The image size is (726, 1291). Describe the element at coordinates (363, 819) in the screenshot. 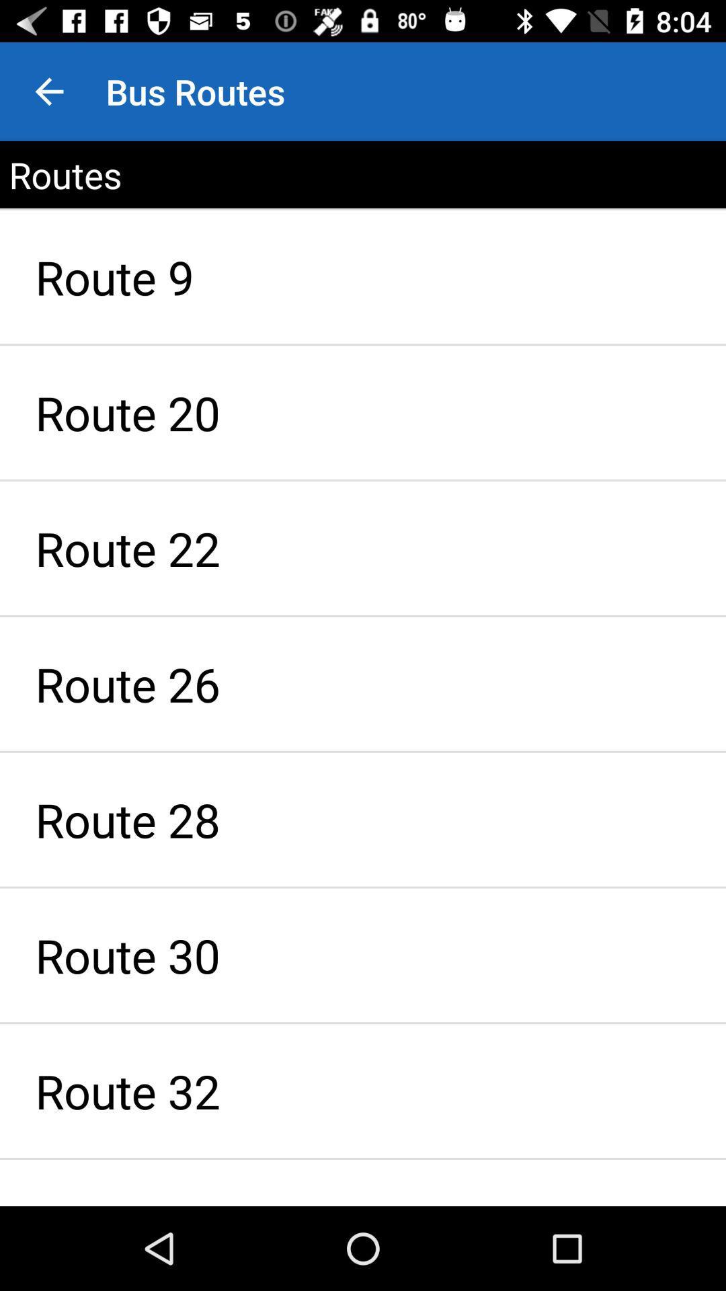

I see `the icon above the route 30` at that location.